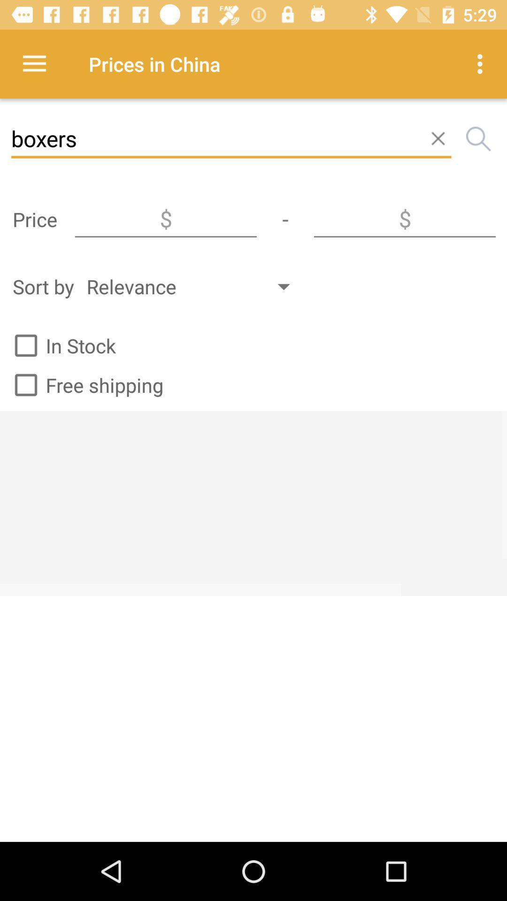  Describe the element at coordinates (404, 219) in the screenshot. I see `max price` at that location.